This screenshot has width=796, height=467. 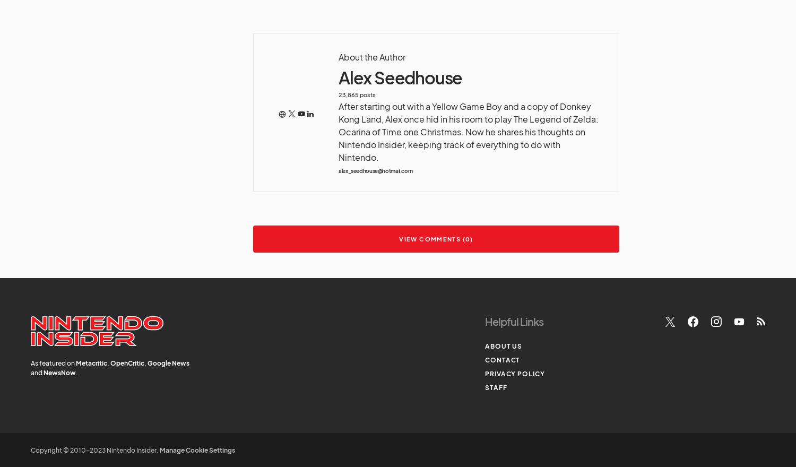 I want to click on '23,865 posts', so click(x=338, y=93).